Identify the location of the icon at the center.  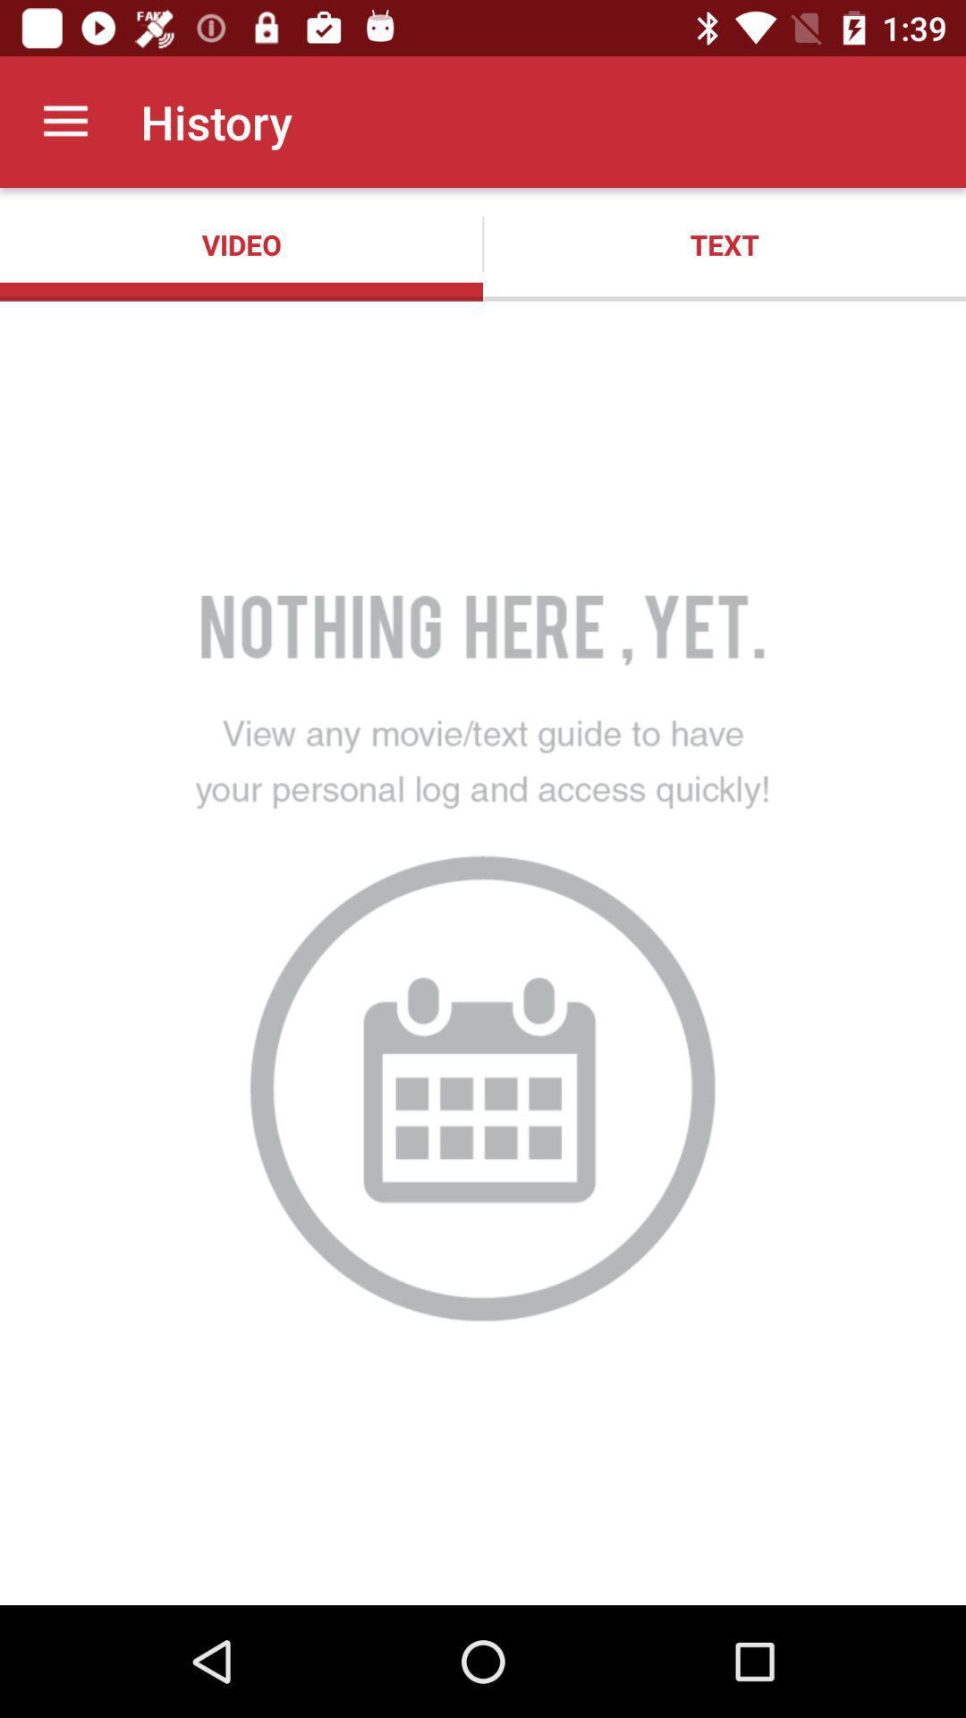
(483, 952).